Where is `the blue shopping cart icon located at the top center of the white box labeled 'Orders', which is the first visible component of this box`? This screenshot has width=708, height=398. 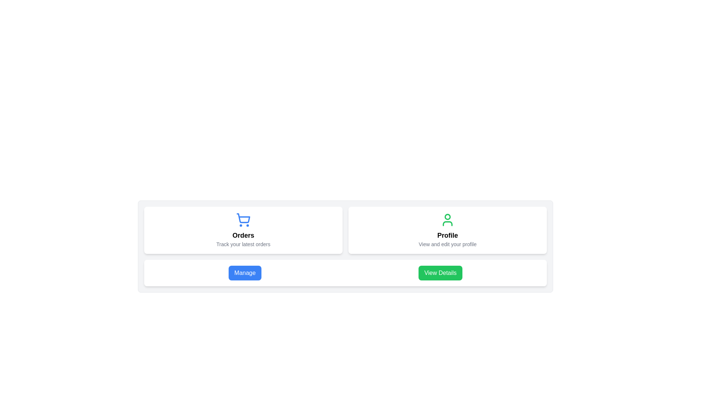
the blue shopping cart icon located at the top center of the white box labeled 'Orders', which is the first visible component of this box is located at coordinates (243, 220).